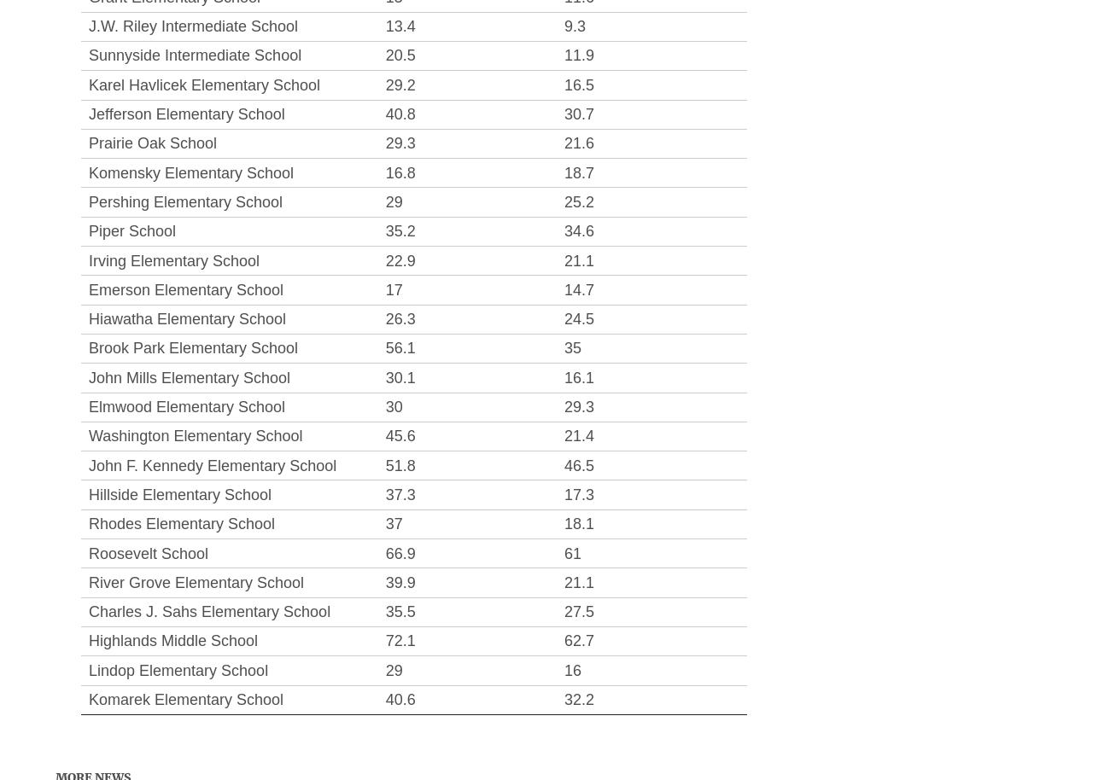 The width and height of the screenshot is (1110, 780). I want to click on '14.7', so click(578, 288).